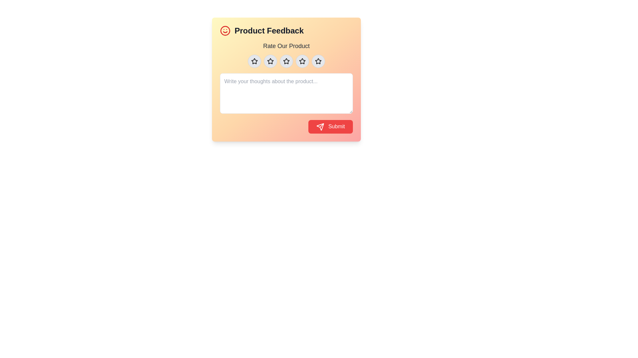 This screenshot has width=638, height=358. Describe the element at coordinates (286, 61) in the screenshot. I see `the third interactive rating star, styled as a hollow outline with a bold stroke in the feedback interface panel` at that location.